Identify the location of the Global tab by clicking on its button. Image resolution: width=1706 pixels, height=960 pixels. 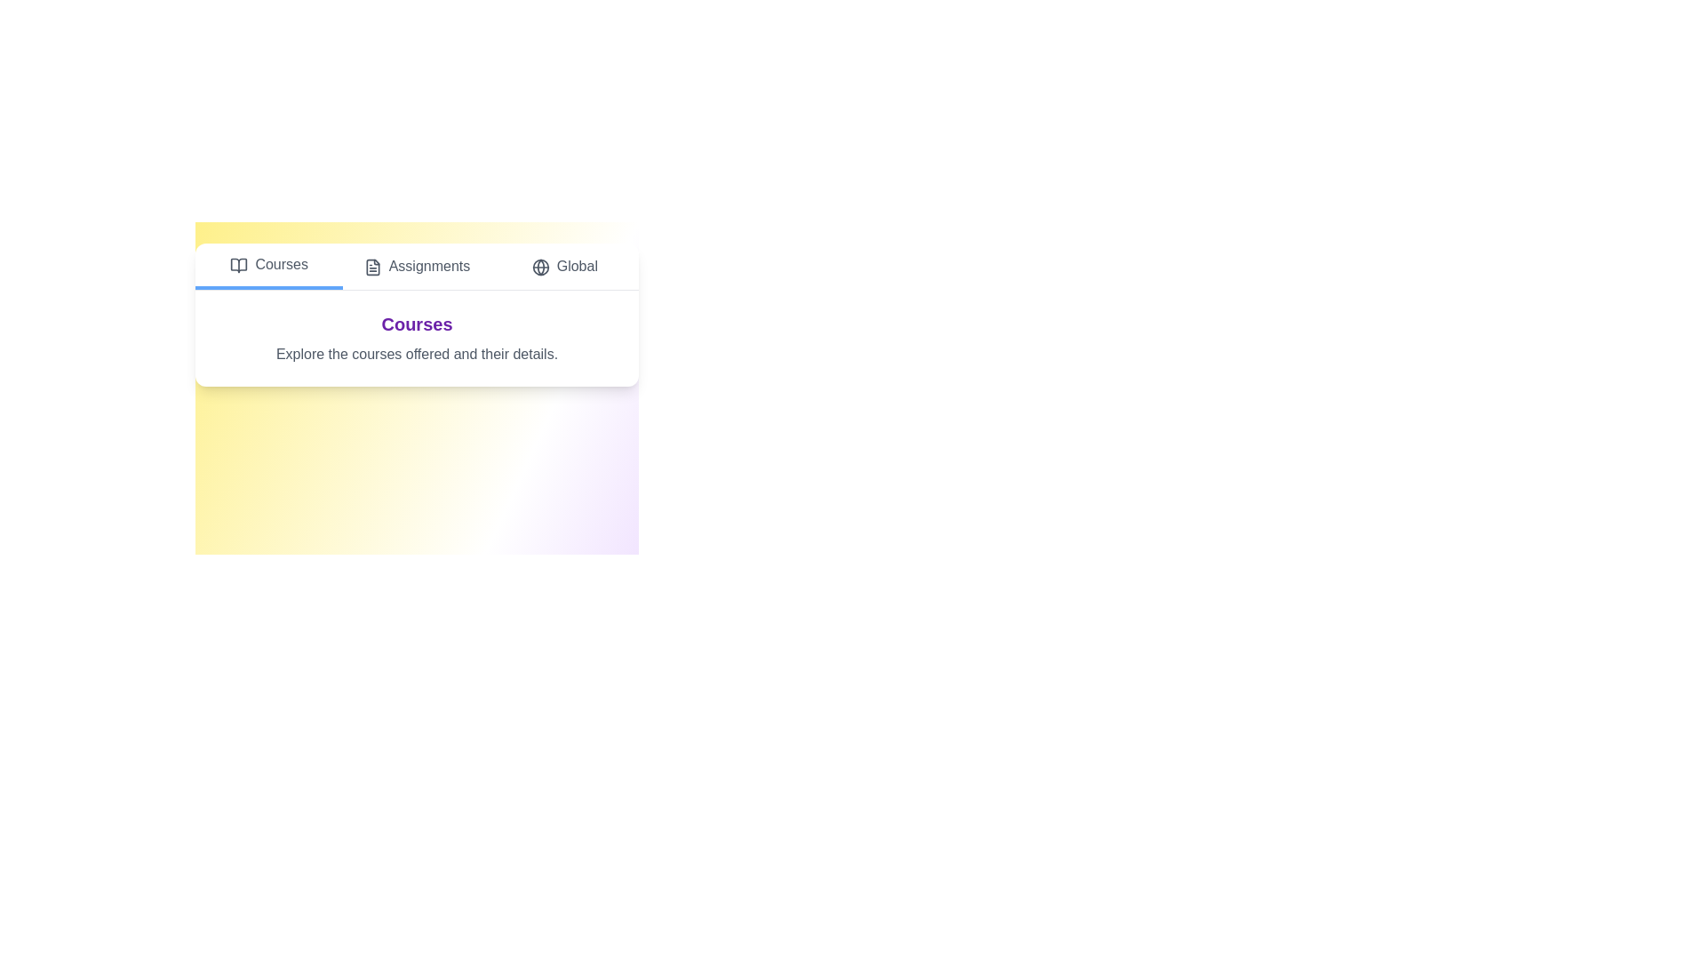
(562, 267).